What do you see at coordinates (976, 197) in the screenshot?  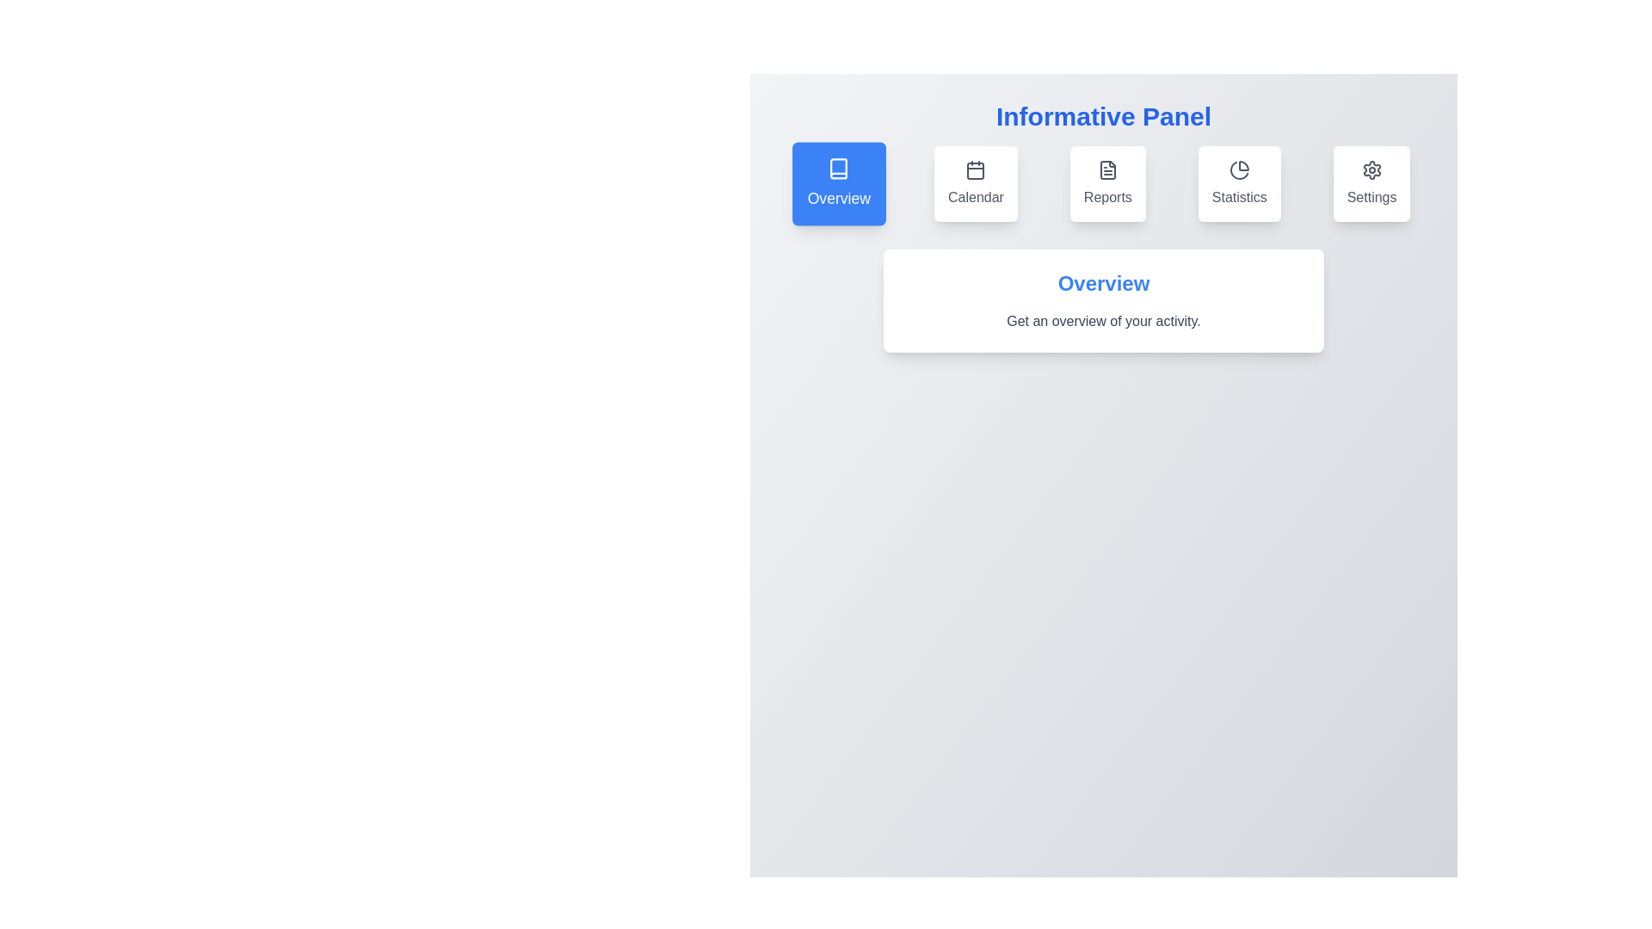 I see `the descriptive text label located below the calendar icon in the second card-like element from the left` at bounding box center [976, 197].